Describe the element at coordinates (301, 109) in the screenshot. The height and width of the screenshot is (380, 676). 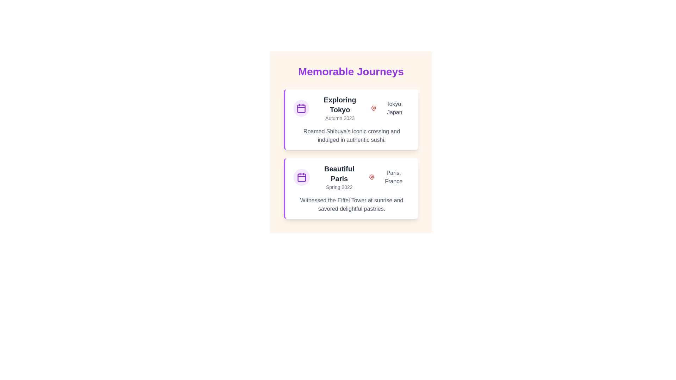
I see `the small rectangular graphic with rounded corners, styled with a light purple fill and outlined in a calendar-like icon structure, located centrally within a larger calendar-shaped SVG graphic` at that location.